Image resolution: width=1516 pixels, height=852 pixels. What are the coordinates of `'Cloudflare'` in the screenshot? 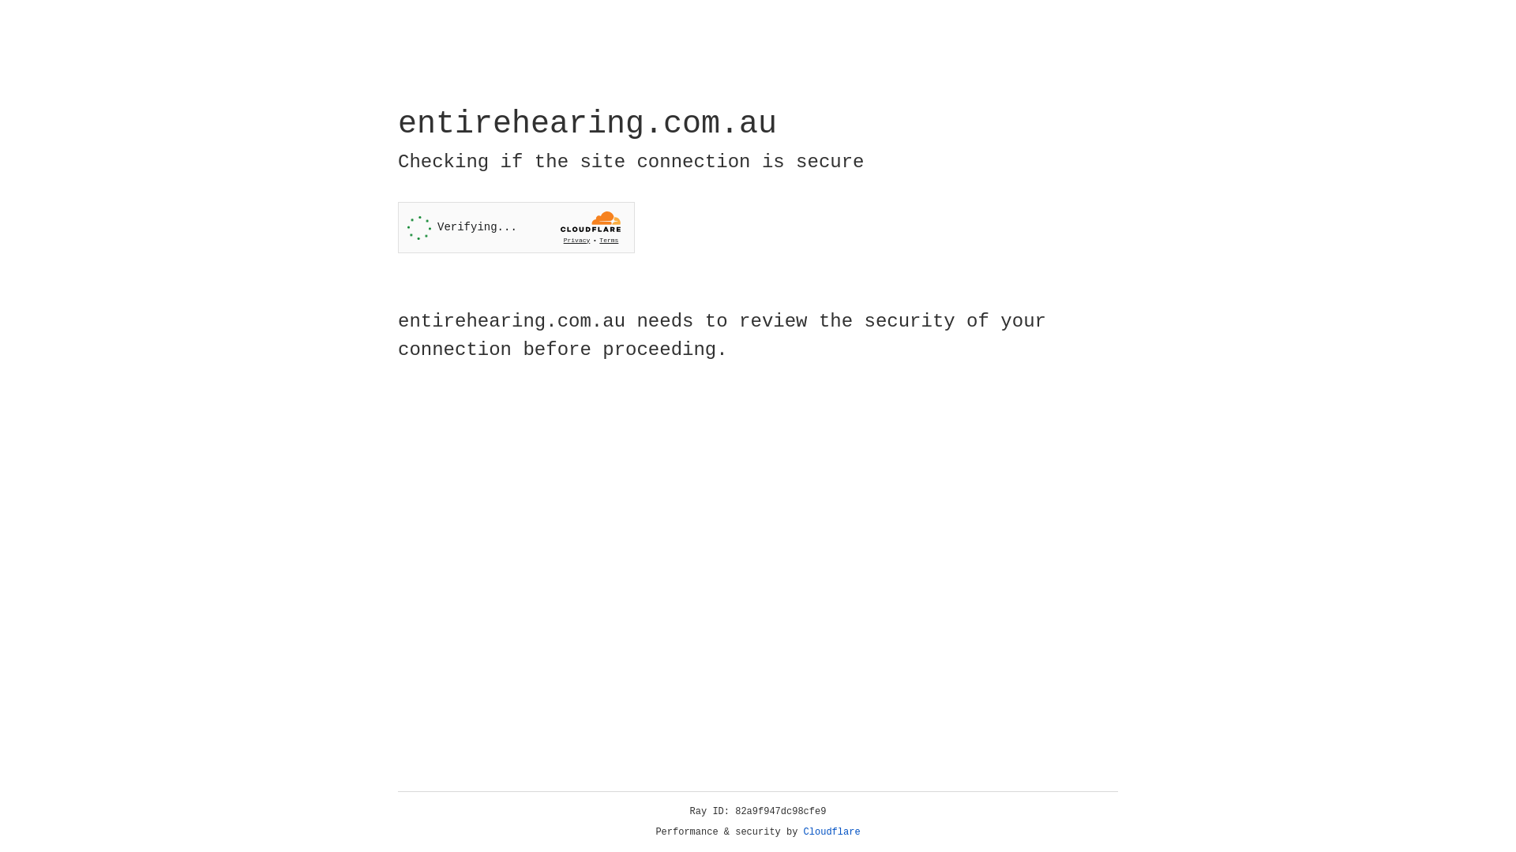 It's located at (831, 831).